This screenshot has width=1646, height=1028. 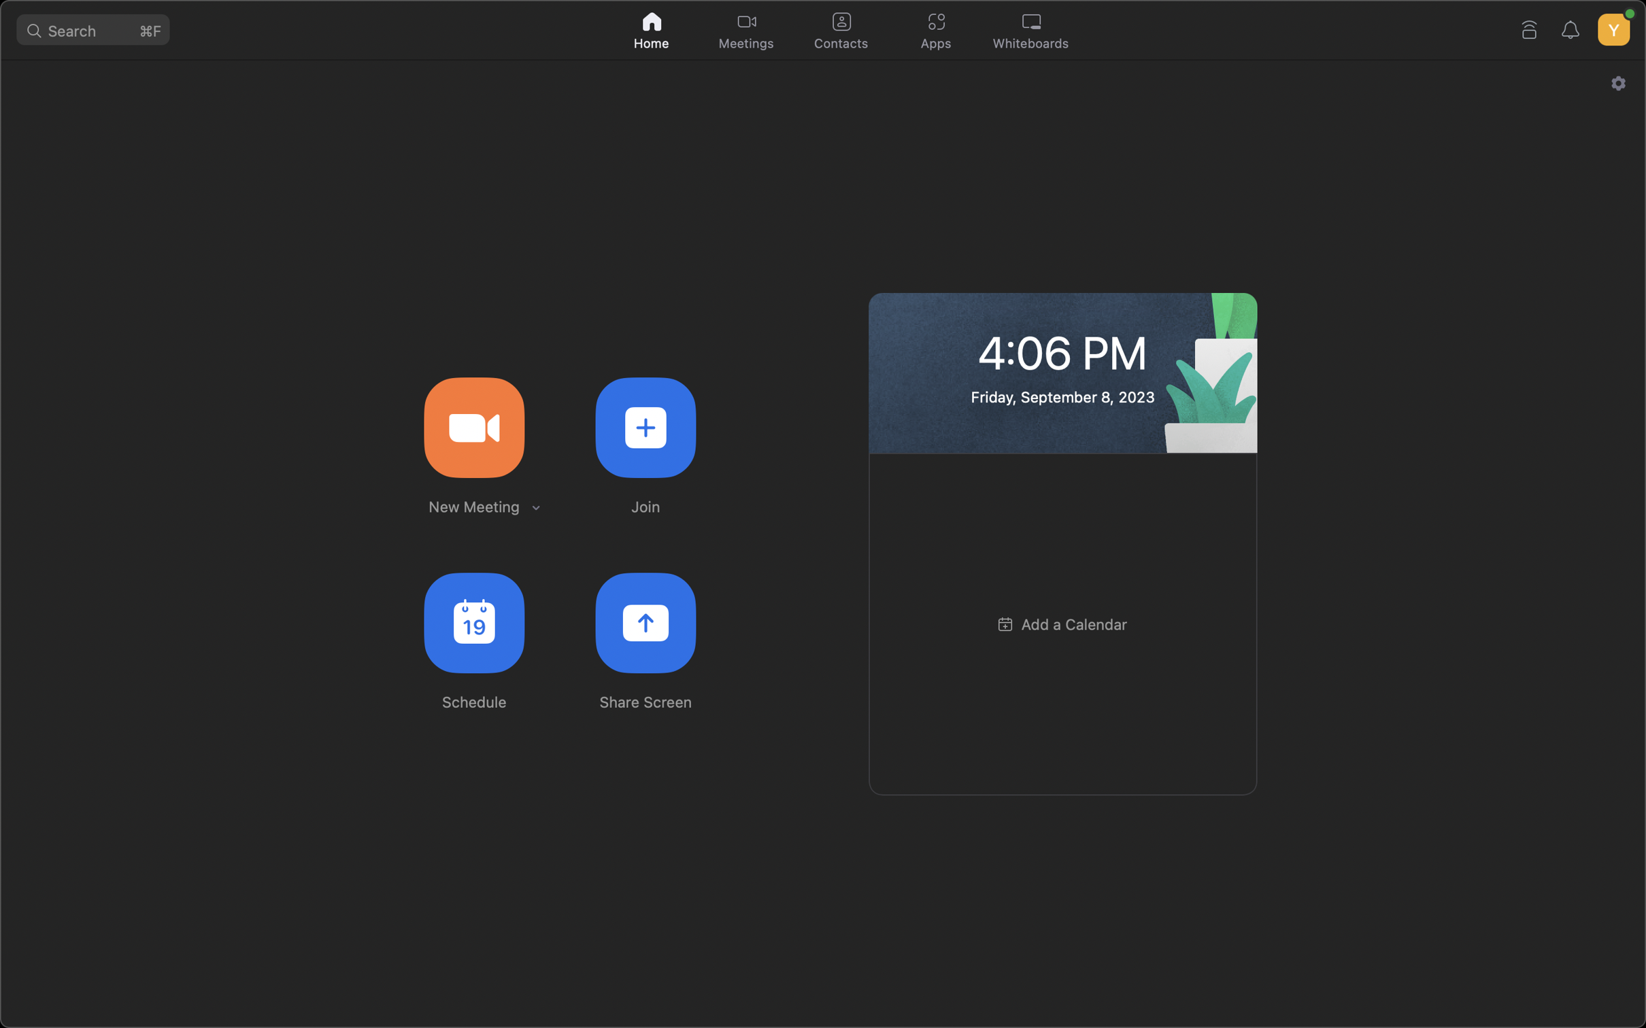 I want to click on Connect your device with a Zoom Room, so click(x=1530, y=27).